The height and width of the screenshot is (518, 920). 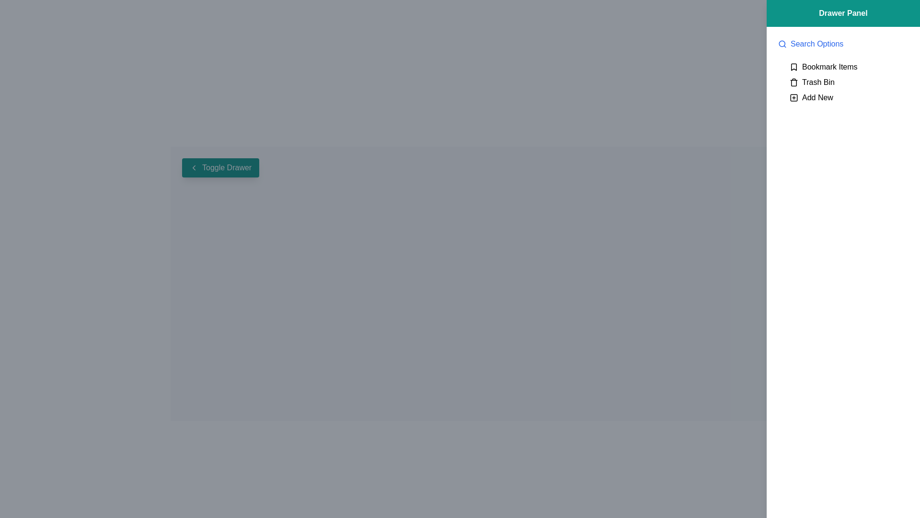 What do you see at coordinates (193, 167) in the screenshot?
I see `the icon or SVG symbol located to the left of the 'Toggle Drawer' text within the button on the teal background` at bounding box center [193, 167].